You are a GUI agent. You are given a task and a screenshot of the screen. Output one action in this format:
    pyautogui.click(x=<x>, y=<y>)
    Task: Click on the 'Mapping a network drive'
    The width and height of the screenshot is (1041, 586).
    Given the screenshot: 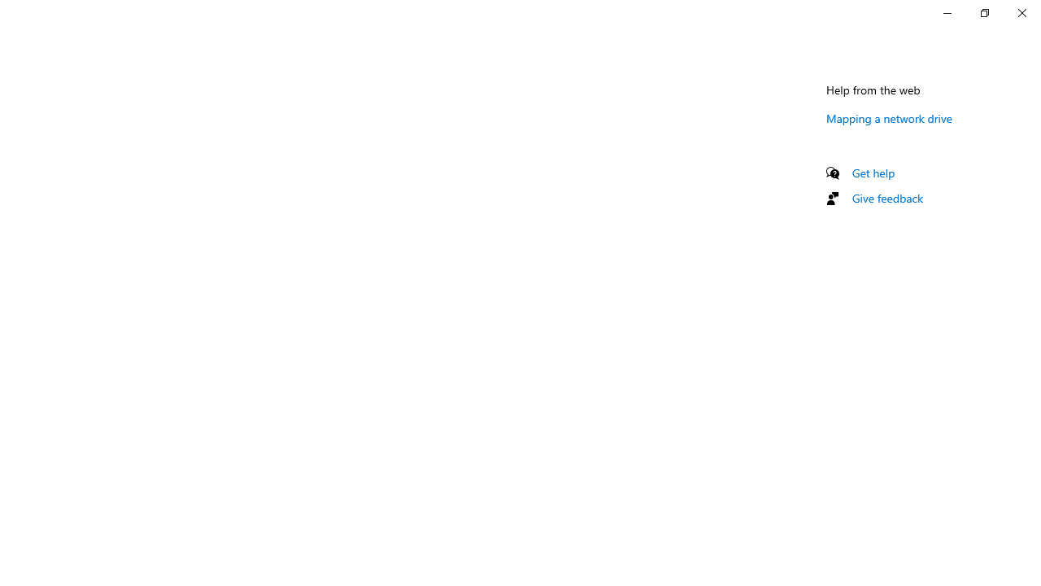 What is the action you would take?
    pyautogui.click(x=889, y=117)
    